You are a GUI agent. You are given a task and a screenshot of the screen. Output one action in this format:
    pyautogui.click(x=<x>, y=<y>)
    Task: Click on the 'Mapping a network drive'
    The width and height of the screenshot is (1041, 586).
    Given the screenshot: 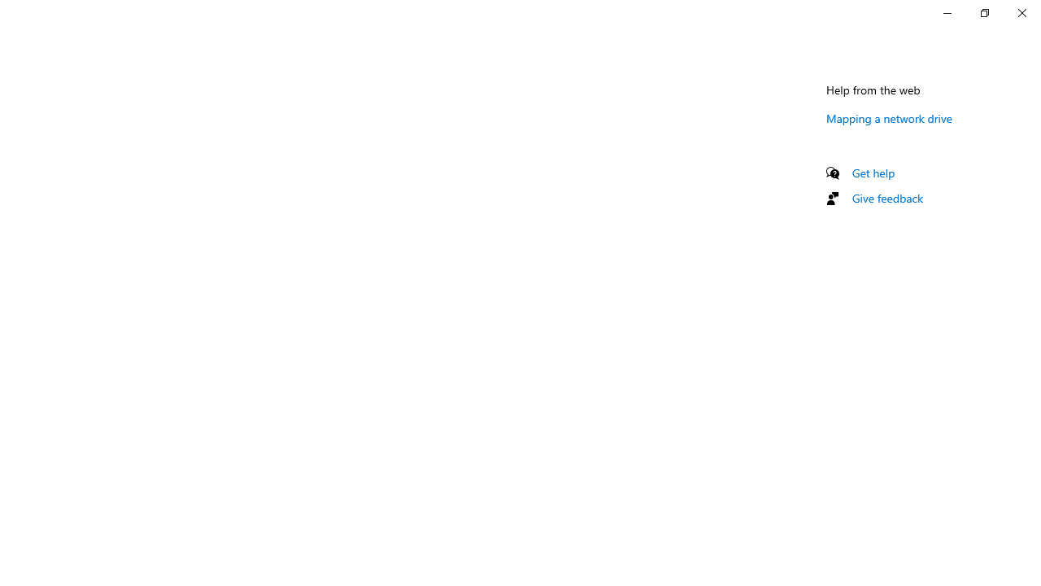 What is the action you would take?
    pyautogui.click(x=889, y=117)
    